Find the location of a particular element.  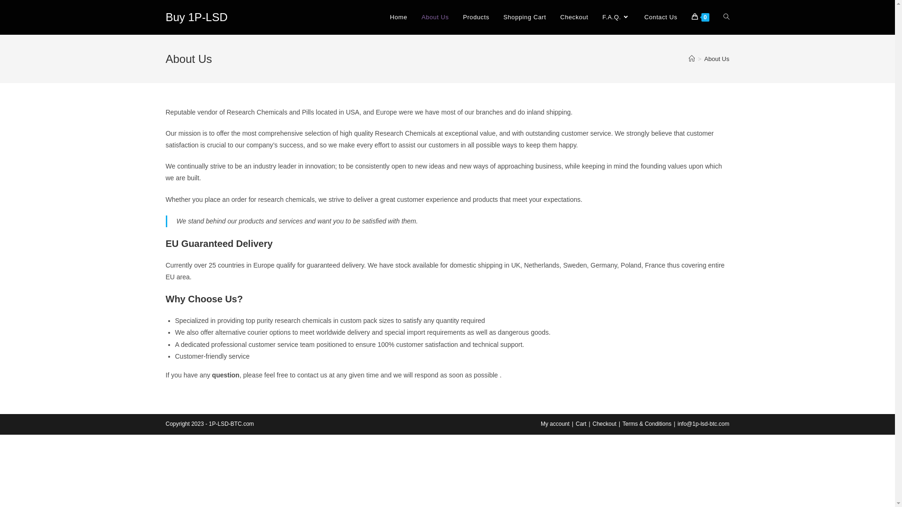

'Toggle website search' is located at coordinates (715, 17).